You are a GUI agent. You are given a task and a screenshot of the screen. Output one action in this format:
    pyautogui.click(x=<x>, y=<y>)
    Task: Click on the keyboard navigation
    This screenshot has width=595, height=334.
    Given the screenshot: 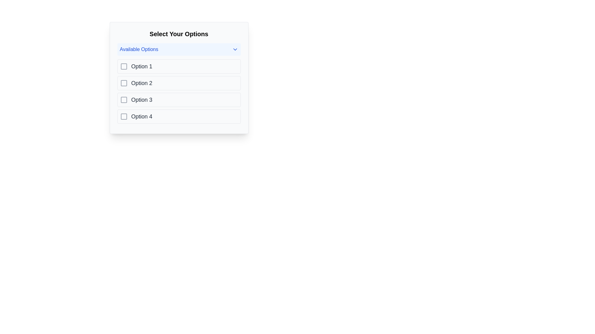 What is the action you would take?
    pyautogui.click(x=124, y=83)
    